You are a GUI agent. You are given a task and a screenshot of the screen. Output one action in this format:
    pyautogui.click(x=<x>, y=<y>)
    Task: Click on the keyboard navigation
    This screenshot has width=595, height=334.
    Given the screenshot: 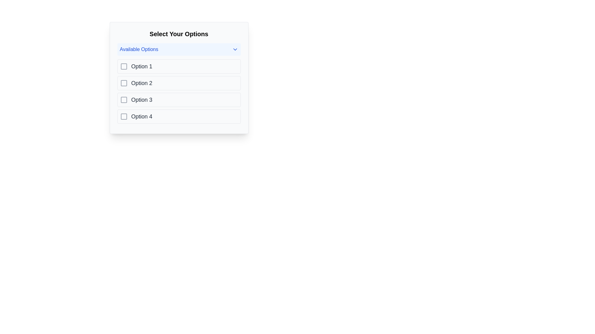 What is the action you would take?
    pyautogui.click(x=124, y=83)
    